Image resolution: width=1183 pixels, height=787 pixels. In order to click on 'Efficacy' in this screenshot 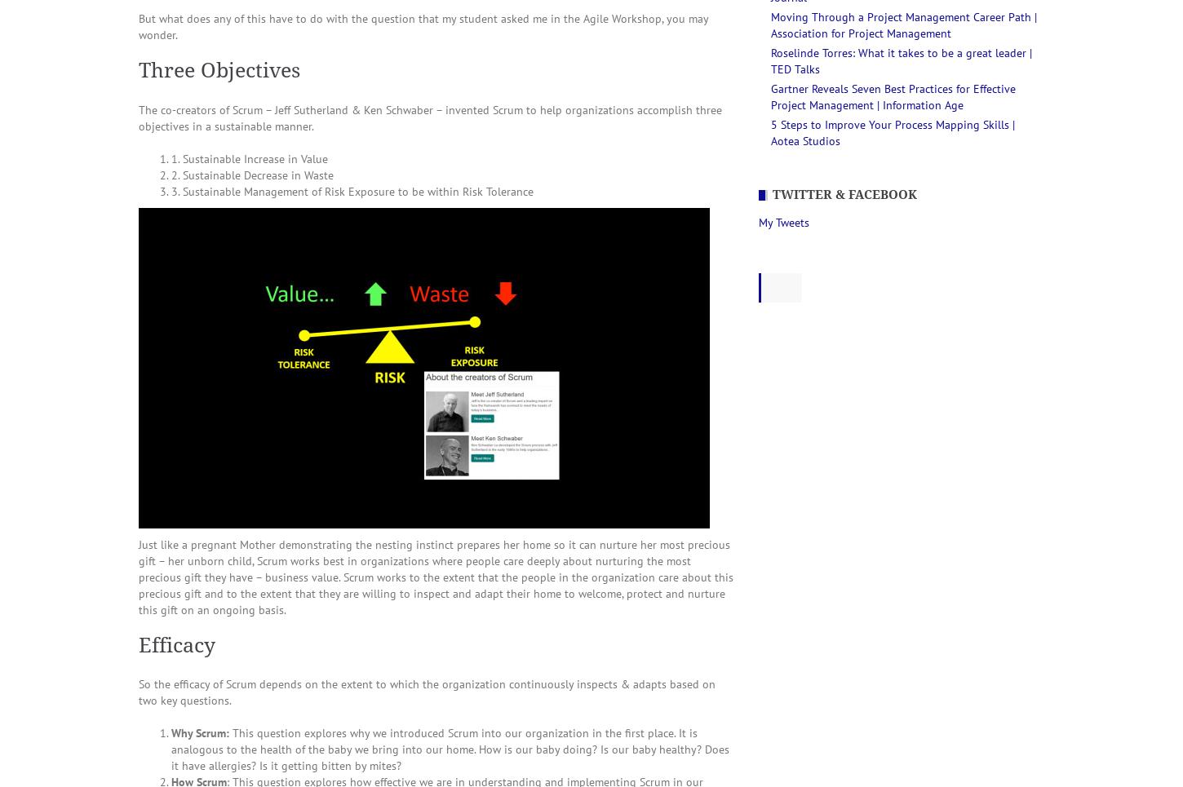, I will do `click(176, 644)`.